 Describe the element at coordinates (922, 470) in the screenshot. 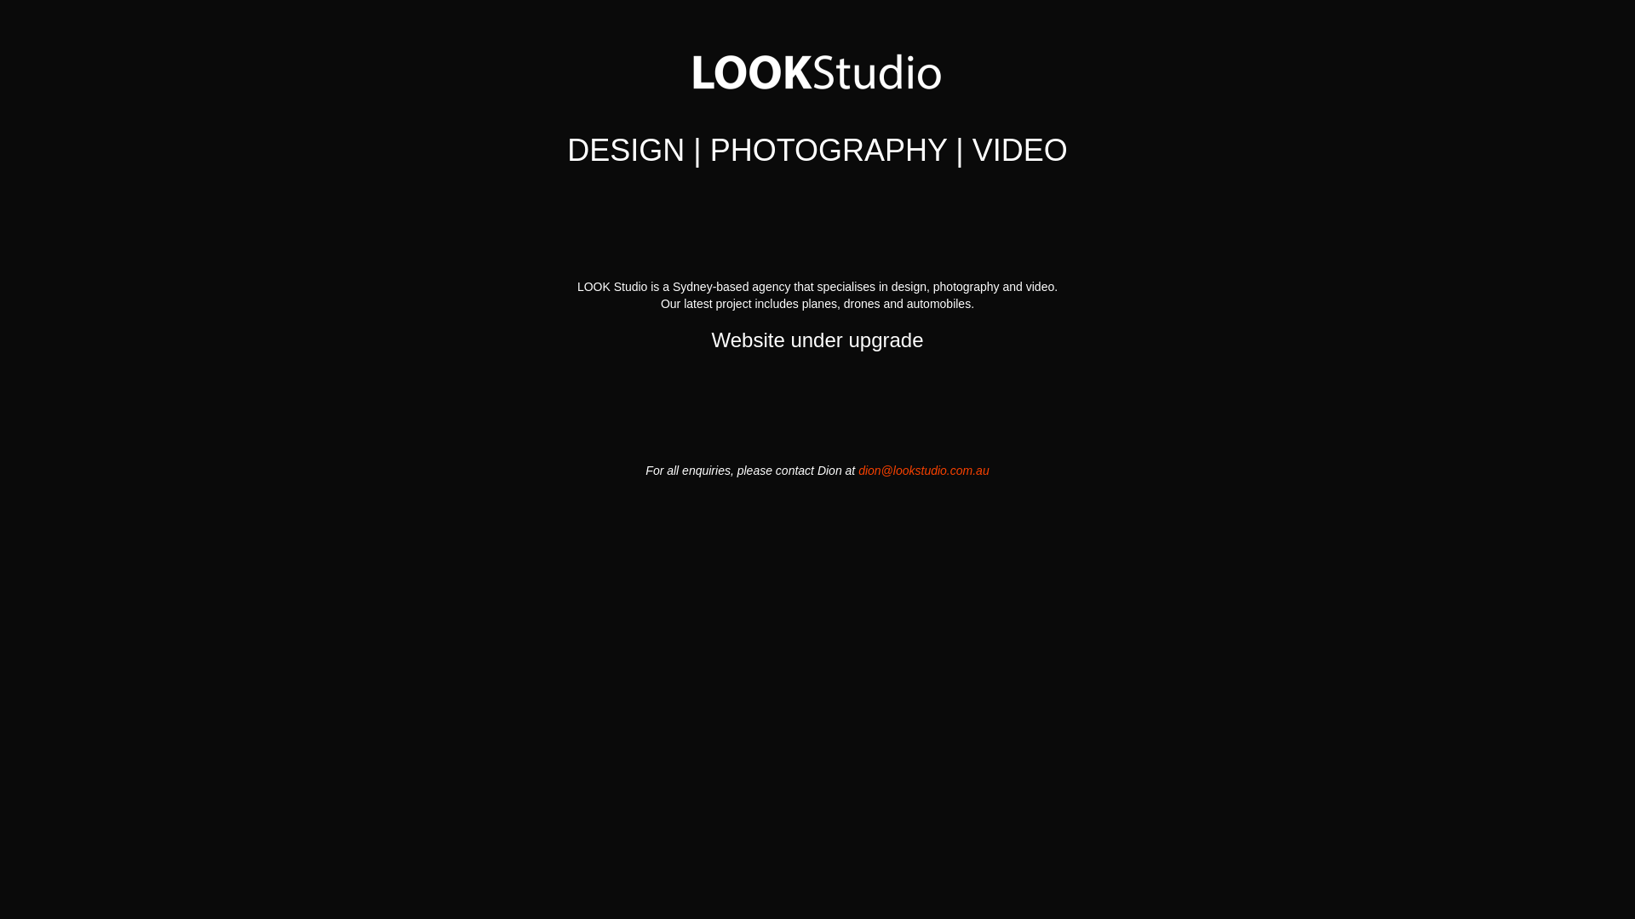

I see `'dion@lookstudio.com.au'` at that location.